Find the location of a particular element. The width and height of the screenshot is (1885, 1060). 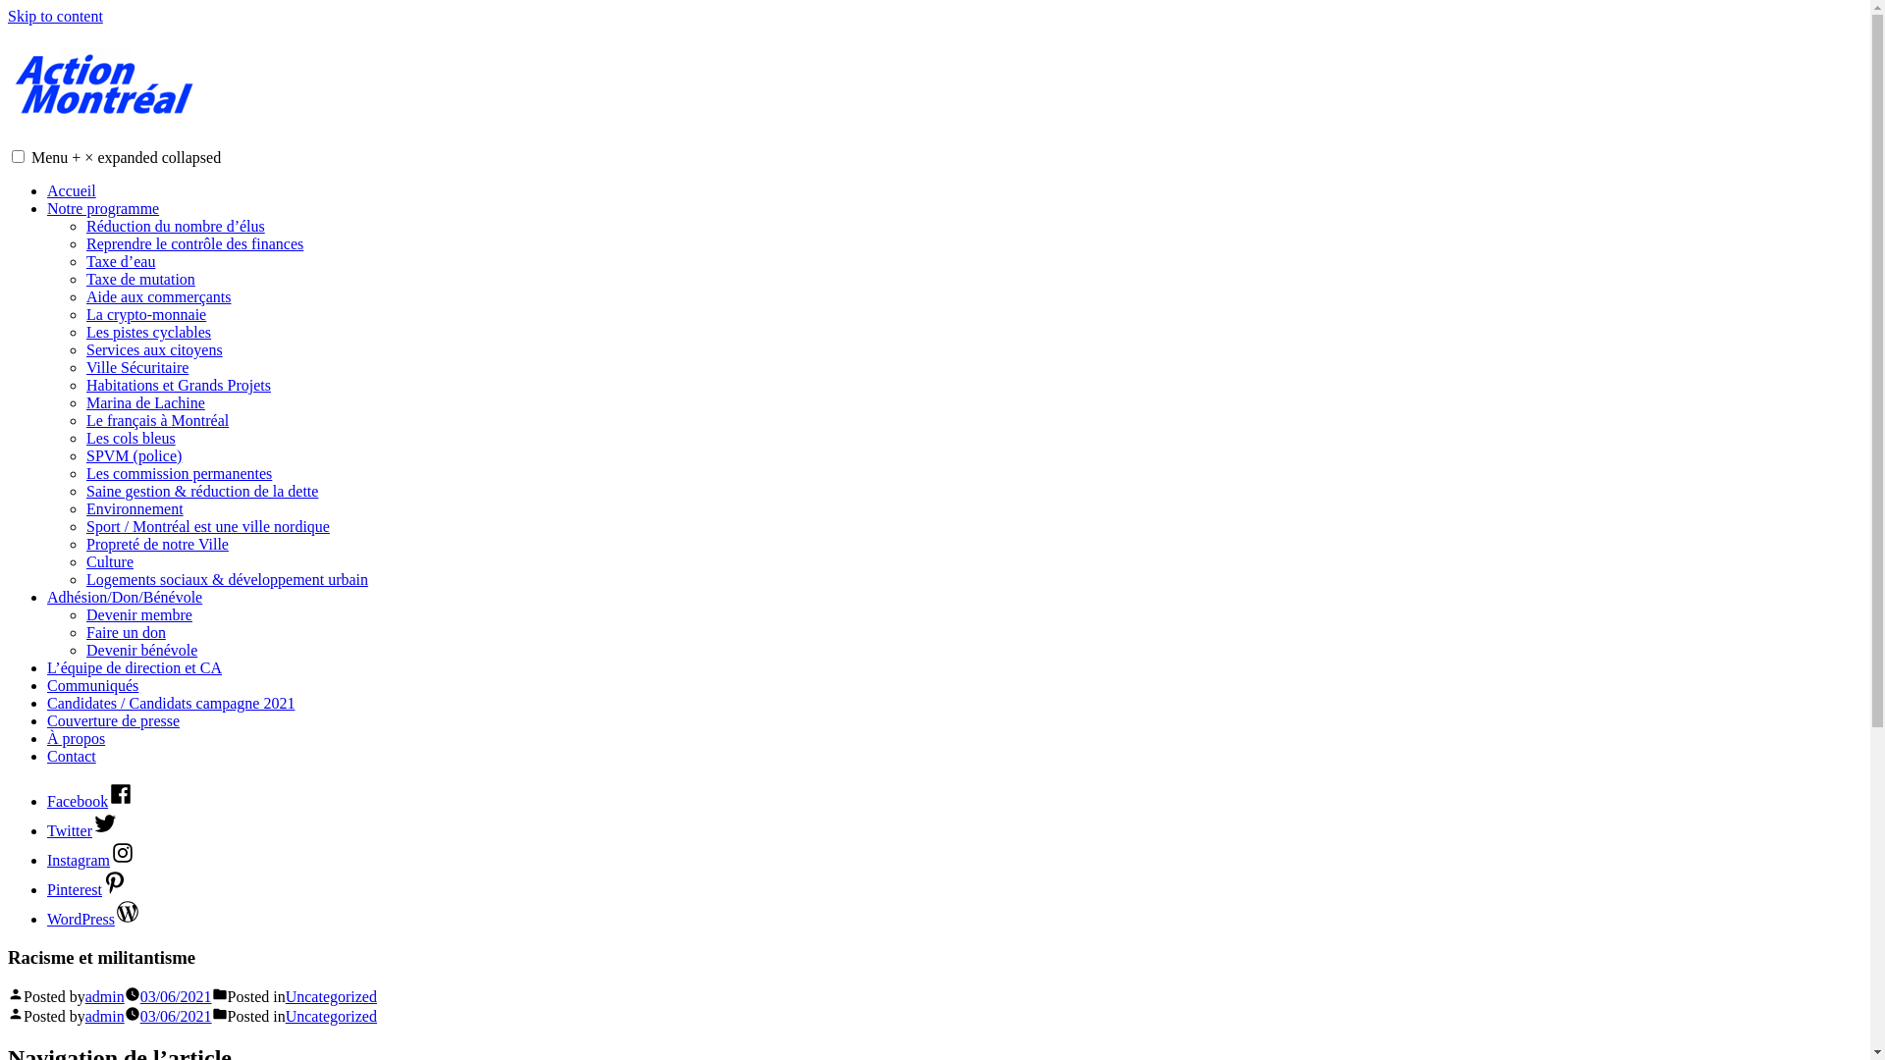

'Candidates / Candidats campagne 2021' is located at coordinates (170, 702).